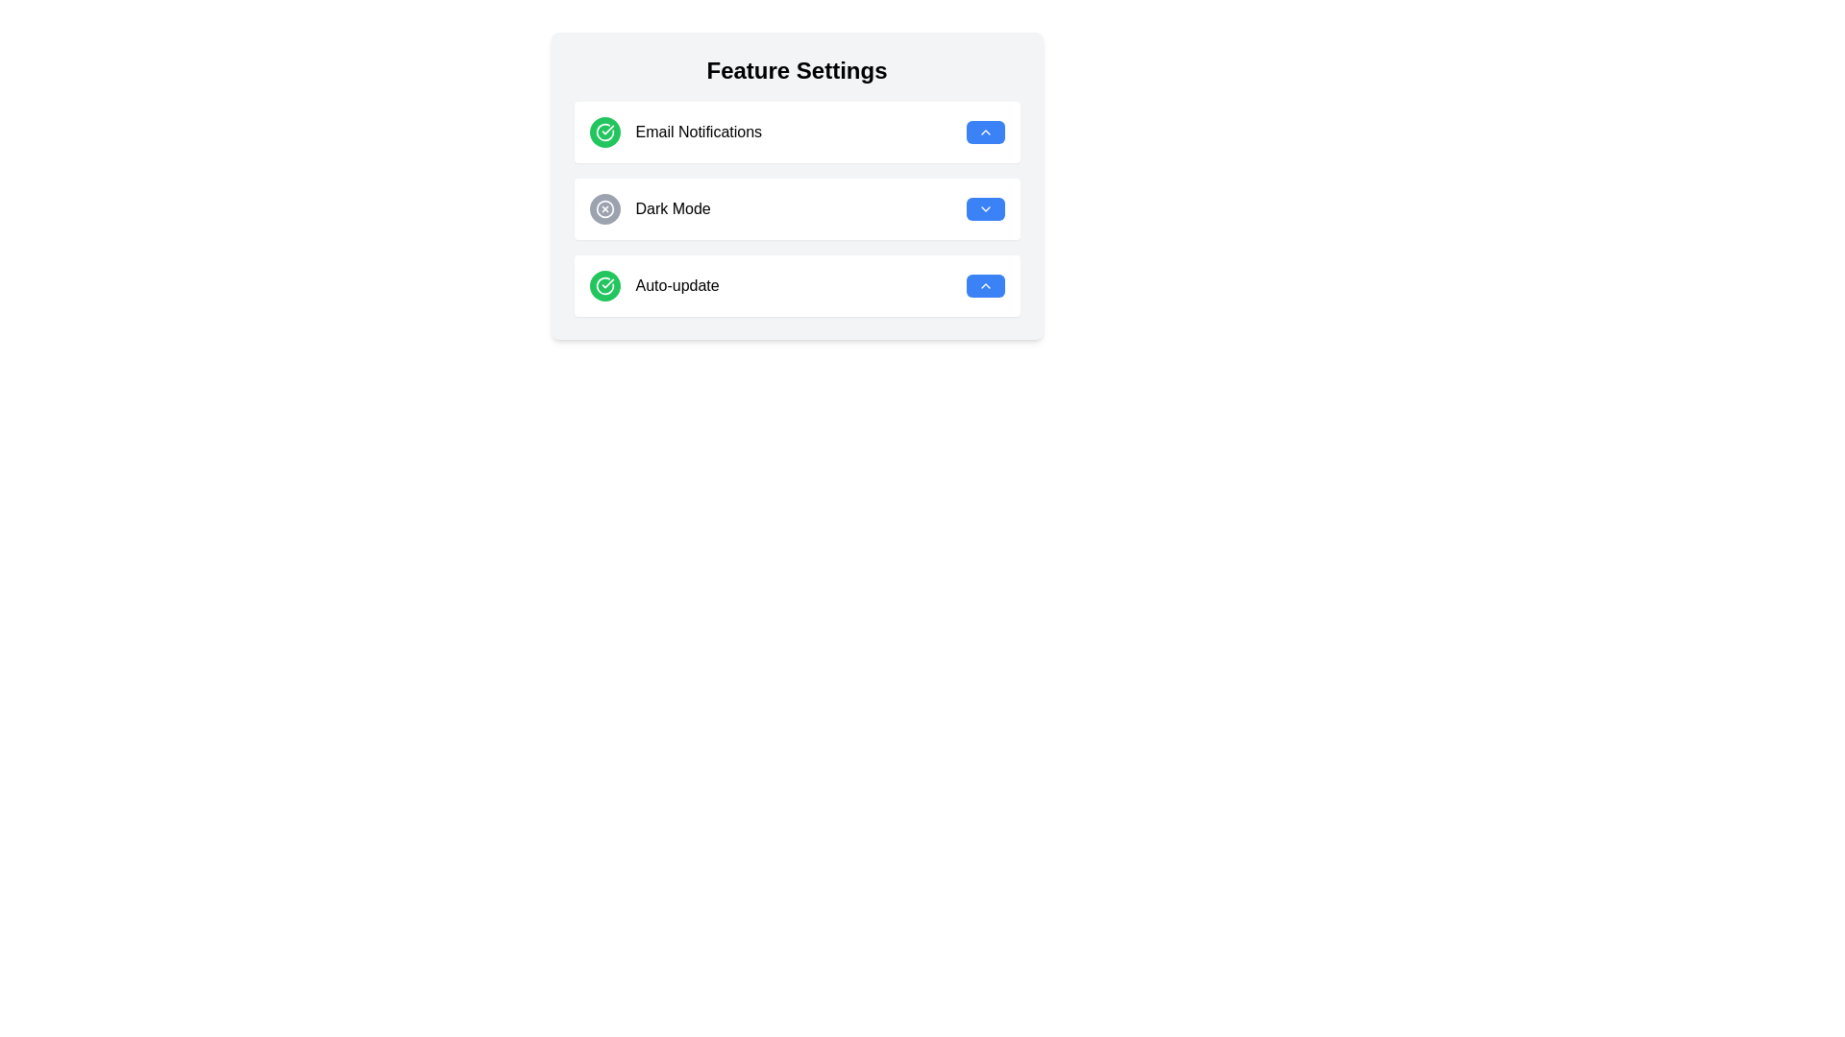 The height and width of the screenshot is (1037, 1845). Describe the element at coordinates (603, 285) in the screenshot. I see `the circular green icon with a white checkmark at the top of the settings menu's vertical list` at that location.